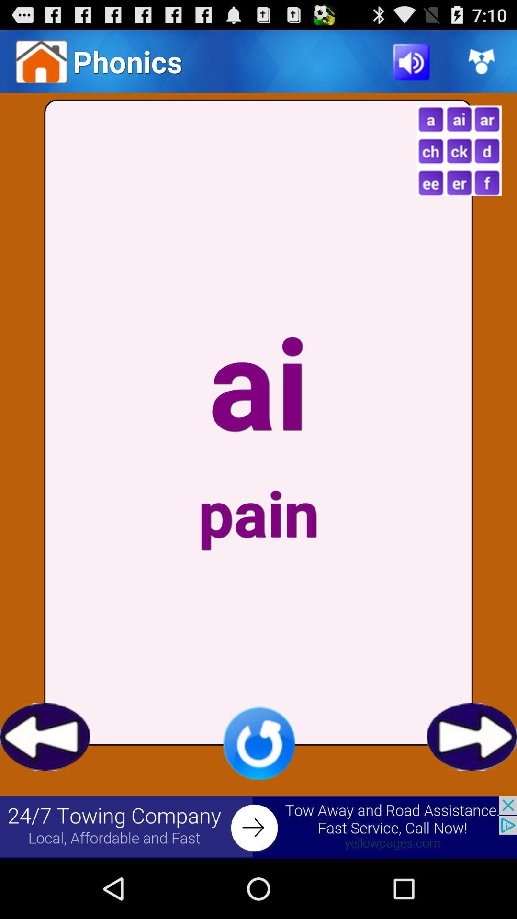 Image resolution: width=517 pixels, height=919 pixels. What do you see at coordinates (471, 788) in the screenshot?
I see `the arrow_forward icon` at bounding box center [471, 788].